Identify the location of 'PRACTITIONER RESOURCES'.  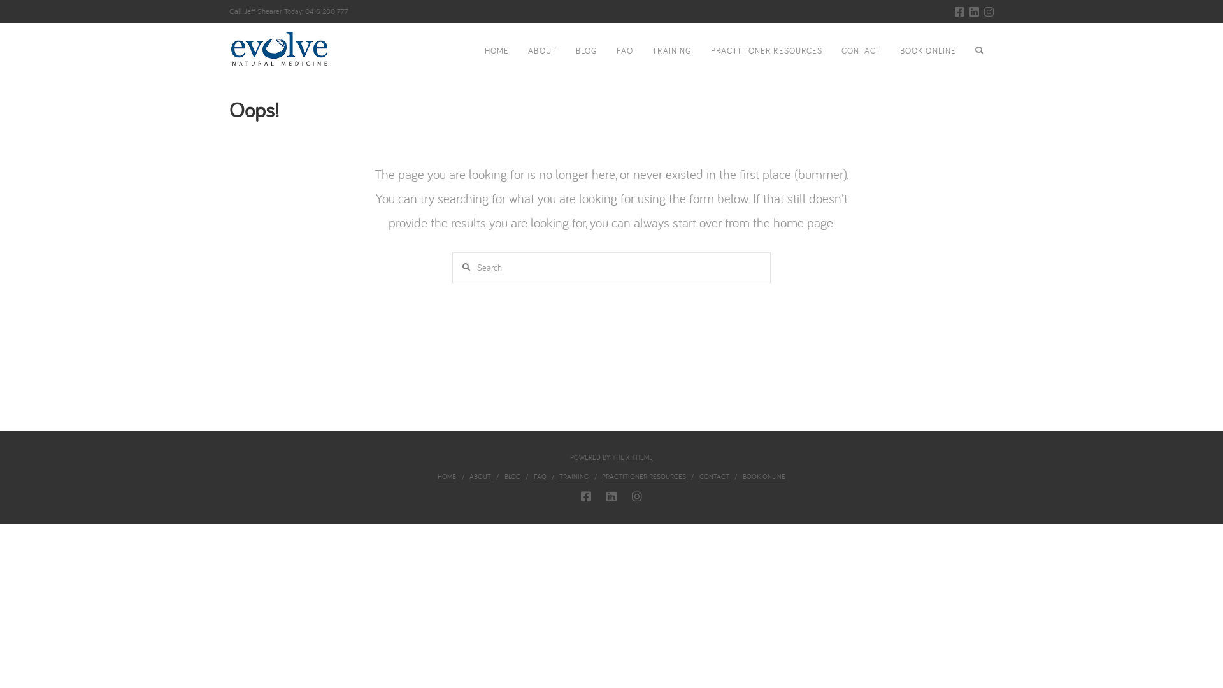
(601, 477).